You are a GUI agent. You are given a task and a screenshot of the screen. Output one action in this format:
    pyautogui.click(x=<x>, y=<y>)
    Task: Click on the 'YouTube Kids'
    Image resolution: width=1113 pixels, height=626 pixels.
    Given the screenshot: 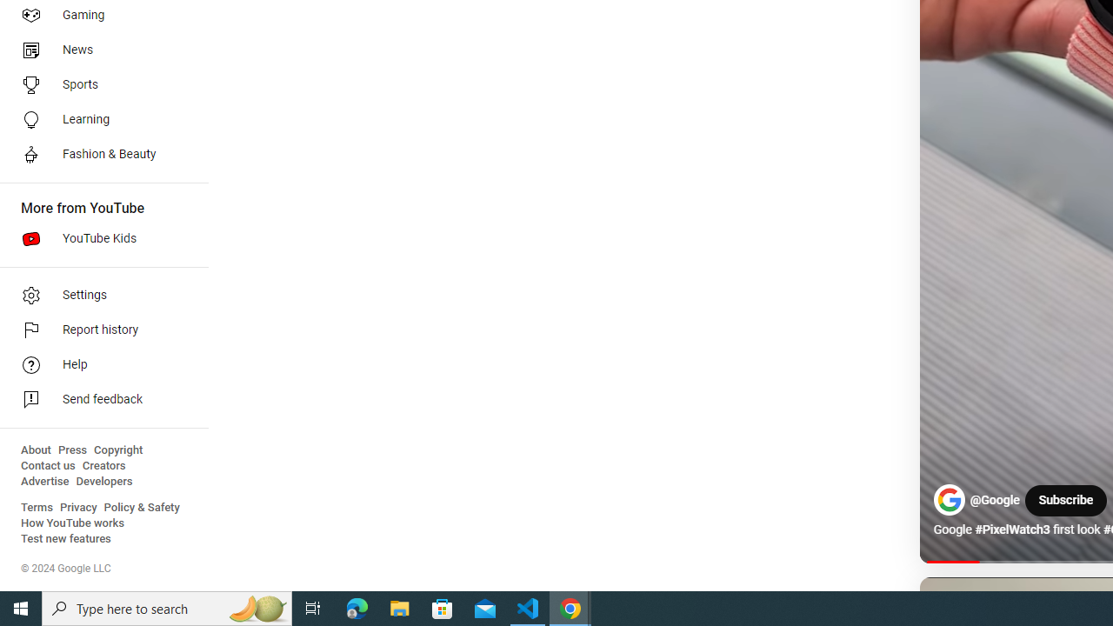 What is the action you would take?
    pyautogui.click(x=97, y=239)
    